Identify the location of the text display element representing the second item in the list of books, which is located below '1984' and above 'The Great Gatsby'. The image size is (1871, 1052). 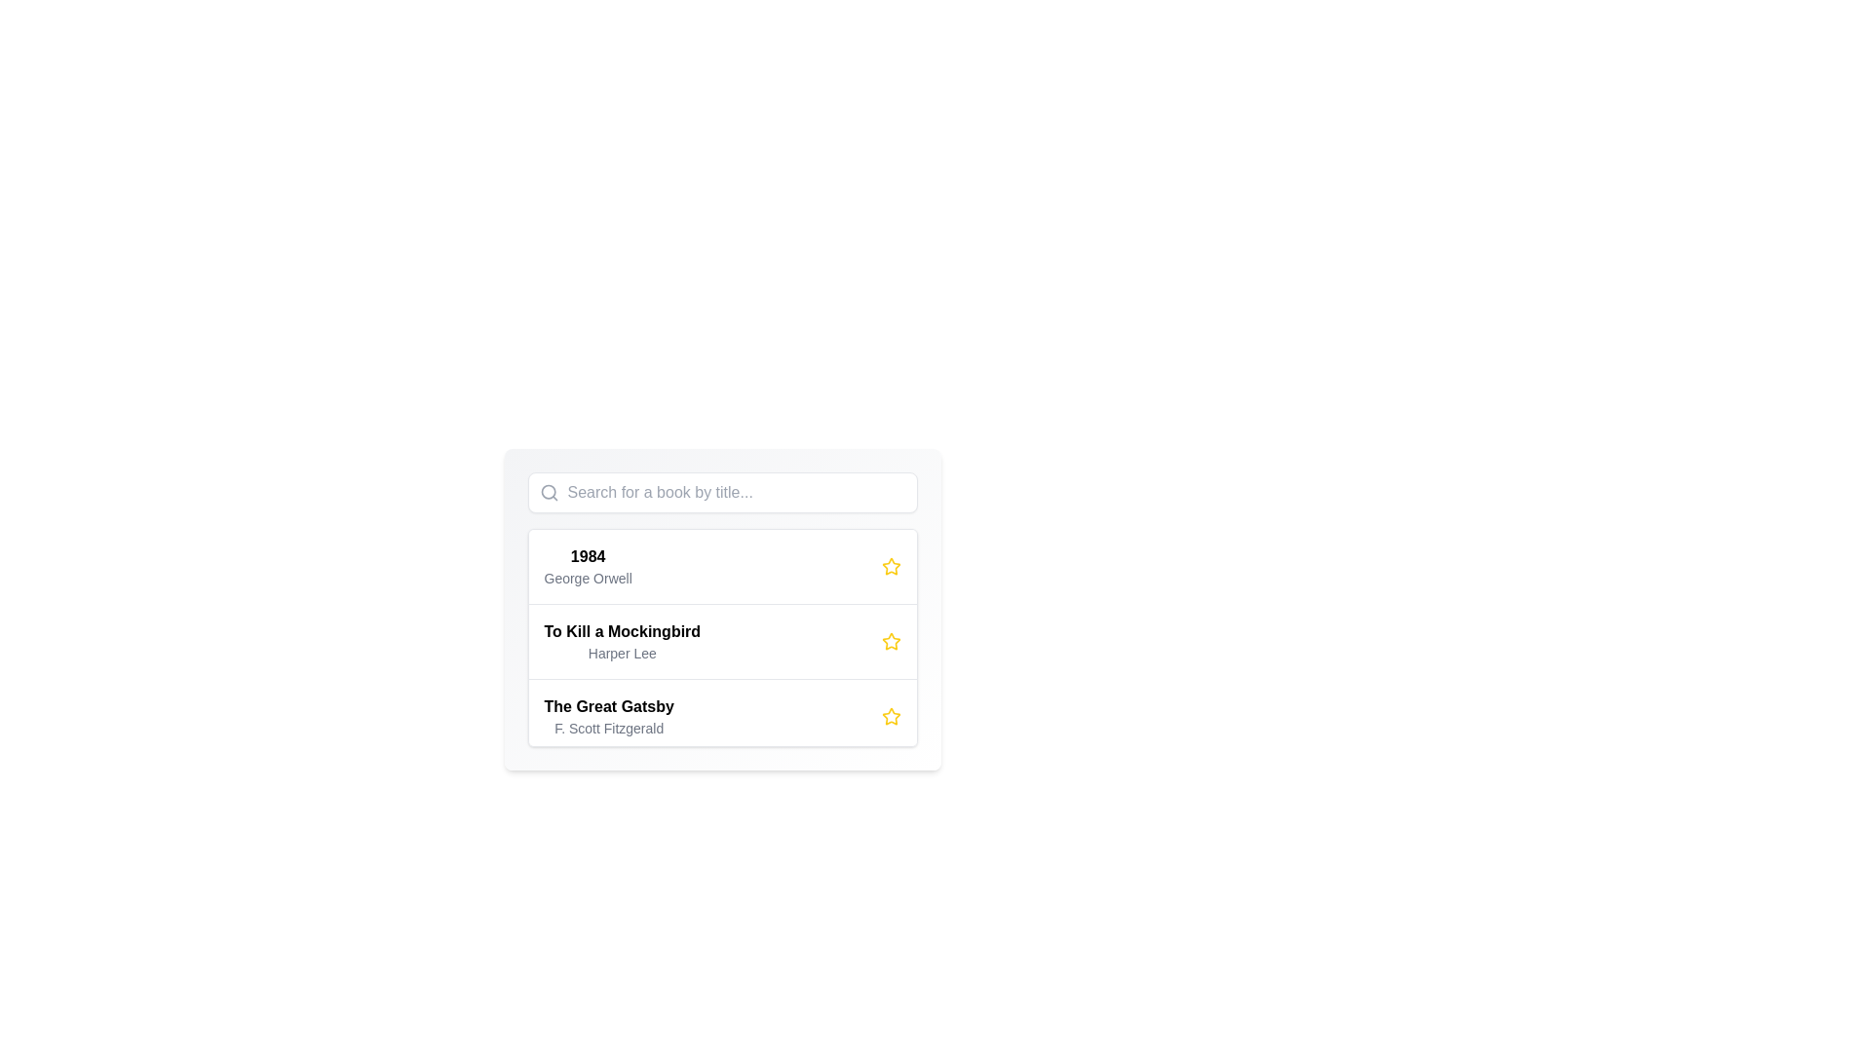
(621, 642).